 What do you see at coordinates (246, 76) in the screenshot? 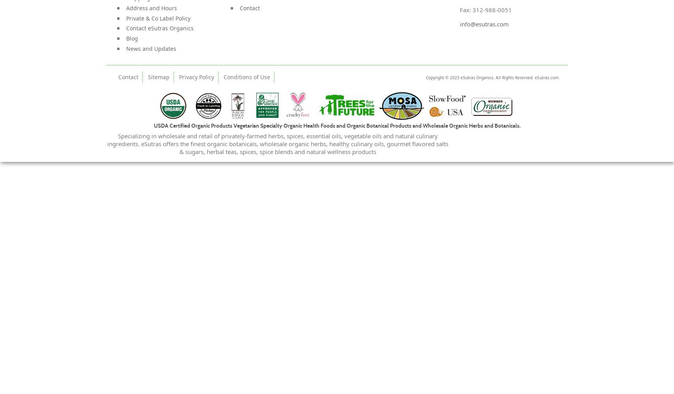
I see `'Conditions of Use'` at bounding box center [246, 76].